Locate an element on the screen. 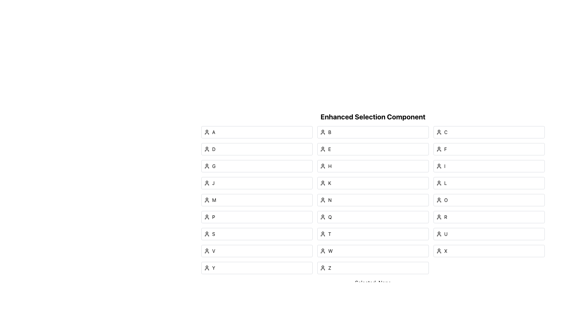 This screenshot has width=562, height=316. the graphical icon representing a standard user silhouette located within the option labeled 'D', positioned in the first column of a grid layout is located at coordinates (207, 149).